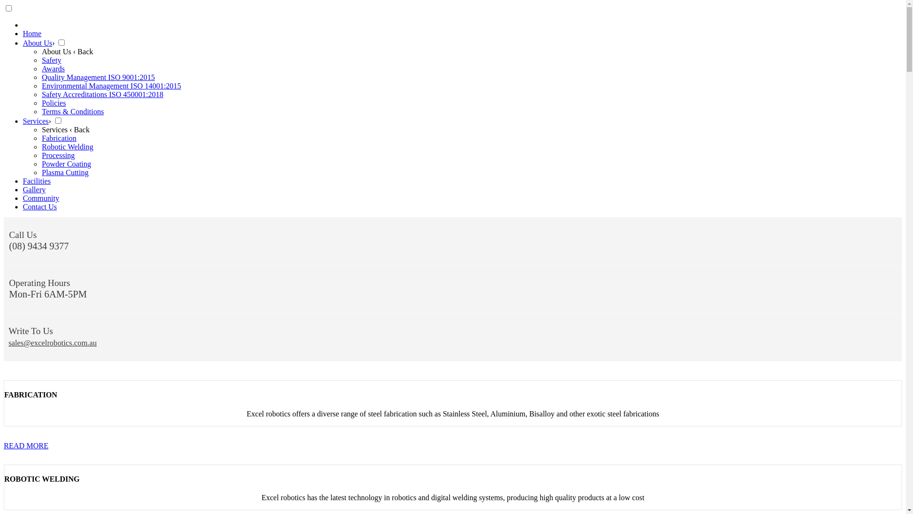 This screenshot has width=913, height=514. What do you see at coordinates (103, 94) in the screenshot?
I see `'Safety Accreditations ISO 450001:2018'` at bounding box center [103, 94].